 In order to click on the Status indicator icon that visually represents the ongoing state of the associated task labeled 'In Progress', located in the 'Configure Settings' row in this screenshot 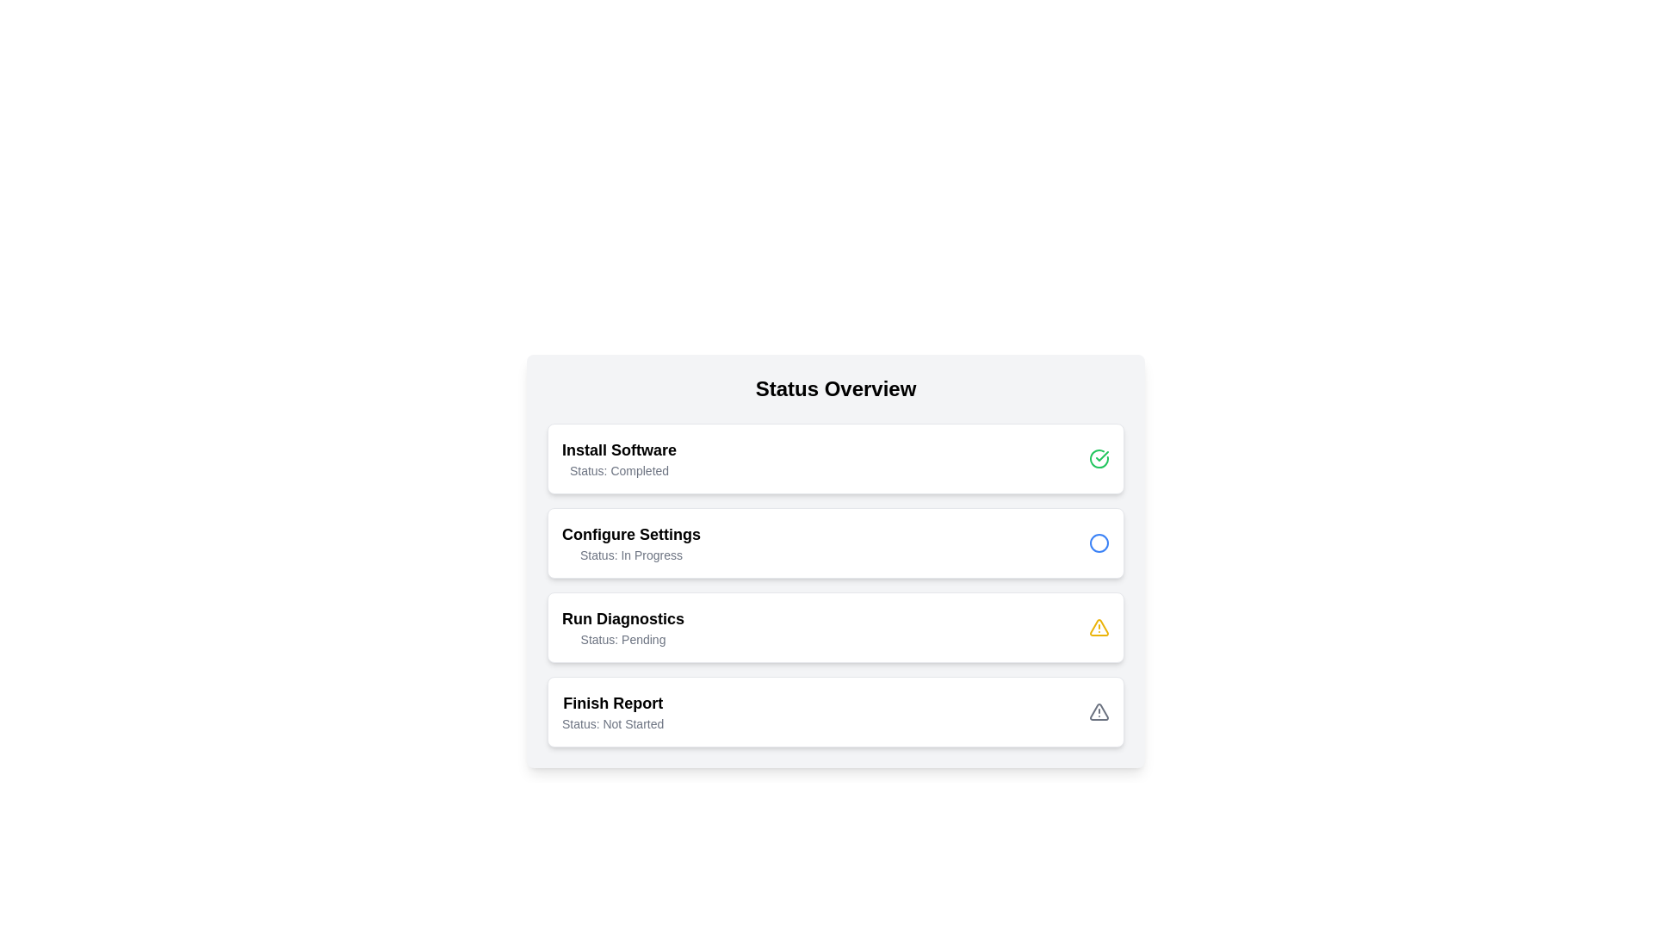, I will do `click(1098, 543)`.